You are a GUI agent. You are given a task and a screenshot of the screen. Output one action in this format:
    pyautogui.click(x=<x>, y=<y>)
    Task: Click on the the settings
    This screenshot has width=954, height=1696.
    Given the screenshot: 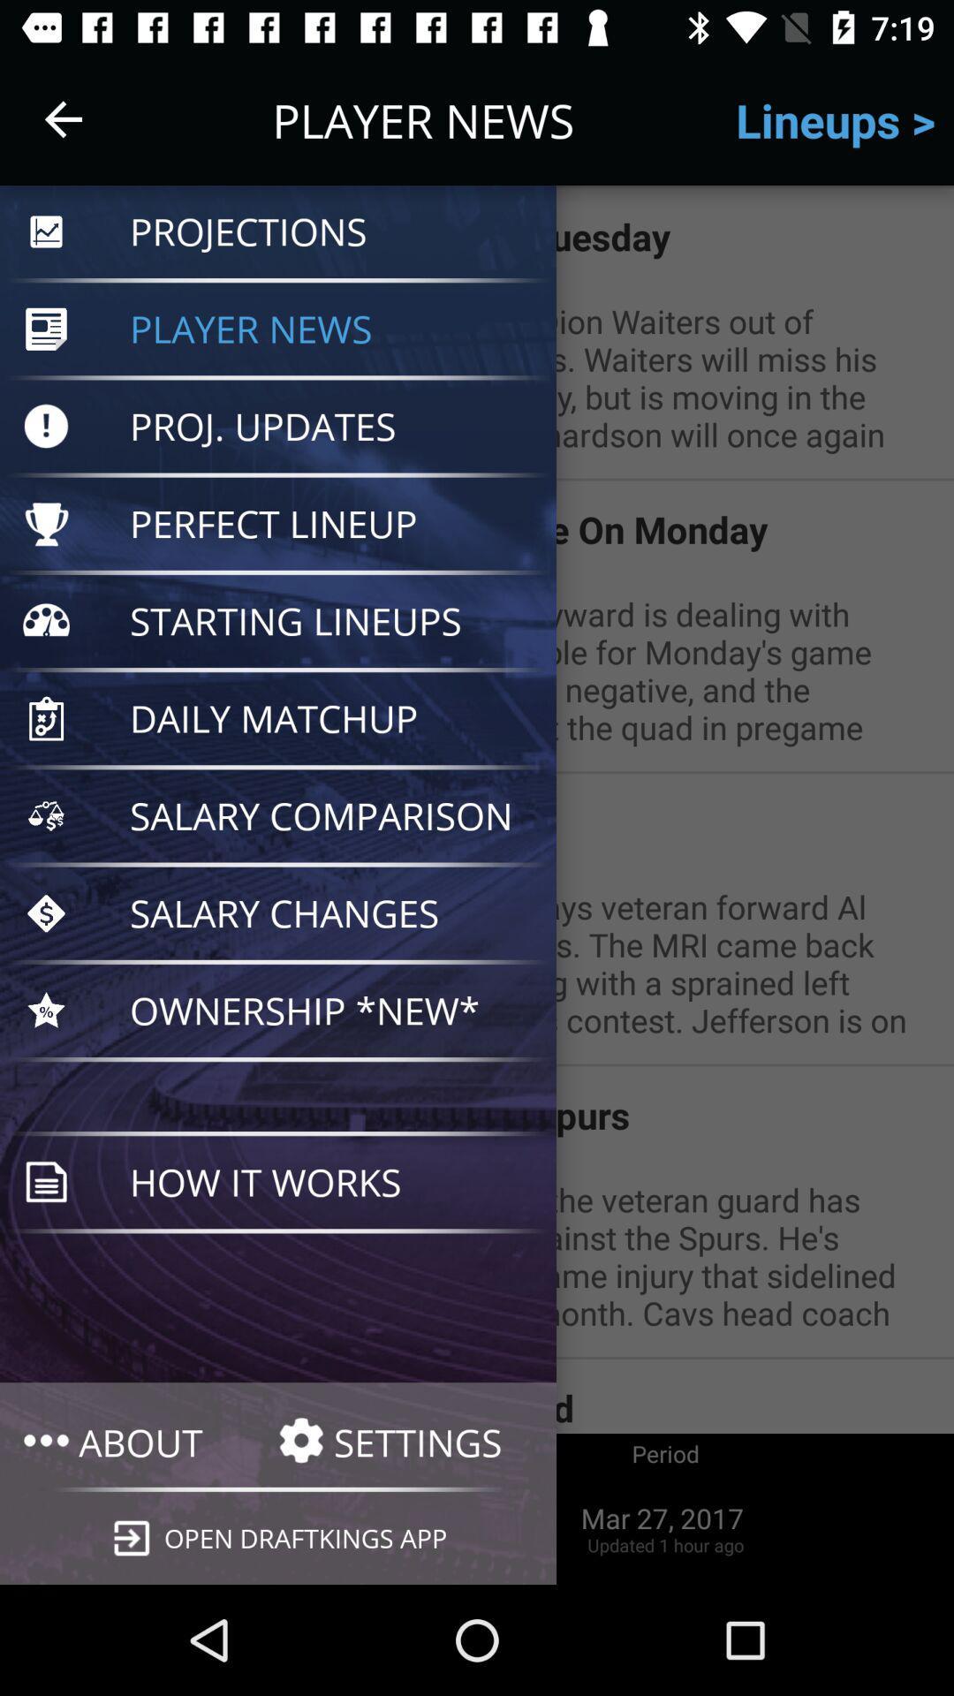 What is the action you would take?
    pyautogui.click(x=405, y=1441)
    